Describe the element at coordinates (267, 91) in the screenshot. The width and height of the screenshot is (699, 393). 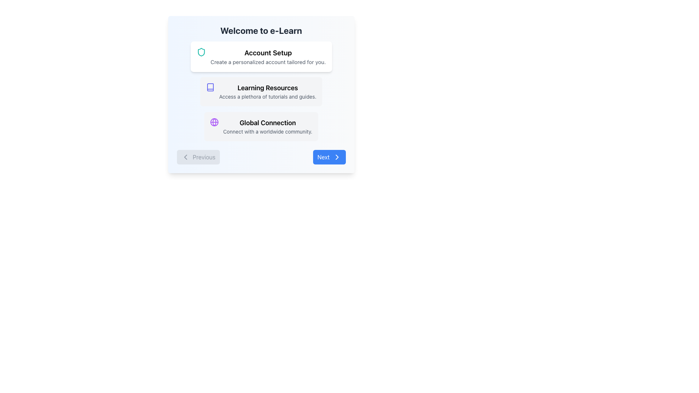
I see `text description under the 'Learning Resources' header, which provides access to tutorials and guides` at that location.